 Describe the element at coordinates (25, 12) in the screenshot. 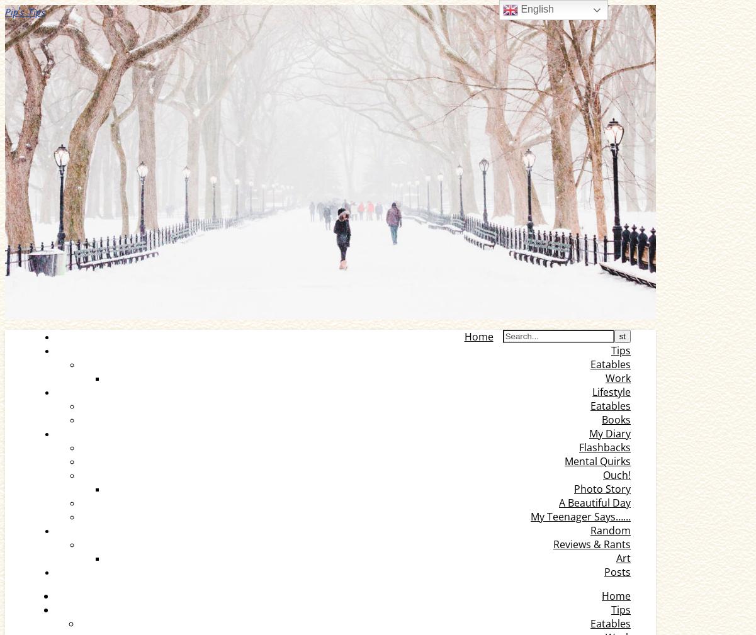

I see `'Pip's Tips'` at that location.